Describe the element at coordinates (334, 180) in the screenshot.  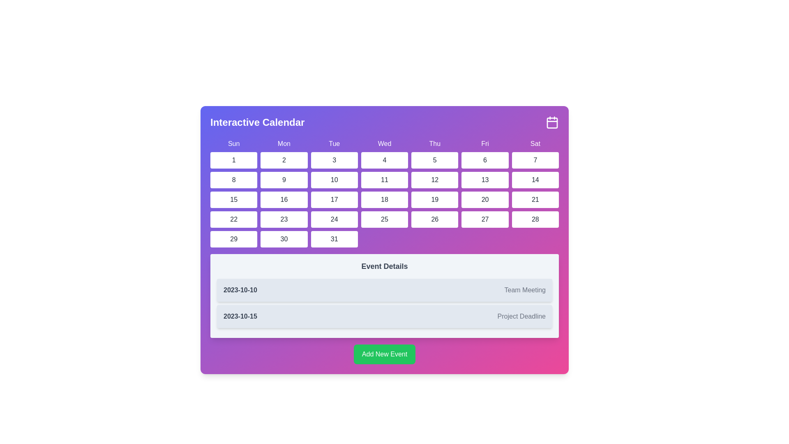
I see `the button representing the date '10' in the calendar interface, located under the 'Tue' column` at that location.